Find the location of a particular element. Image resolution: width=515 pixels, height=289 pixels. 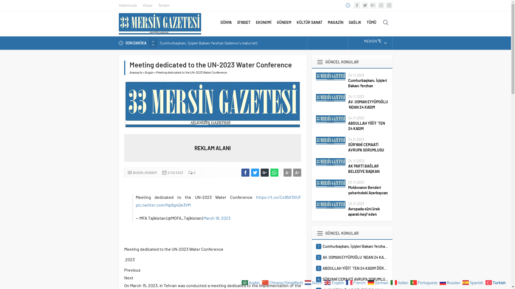

'33 Mersin Gazetesi - Anasayfa' is located at coordinates (159, 23).